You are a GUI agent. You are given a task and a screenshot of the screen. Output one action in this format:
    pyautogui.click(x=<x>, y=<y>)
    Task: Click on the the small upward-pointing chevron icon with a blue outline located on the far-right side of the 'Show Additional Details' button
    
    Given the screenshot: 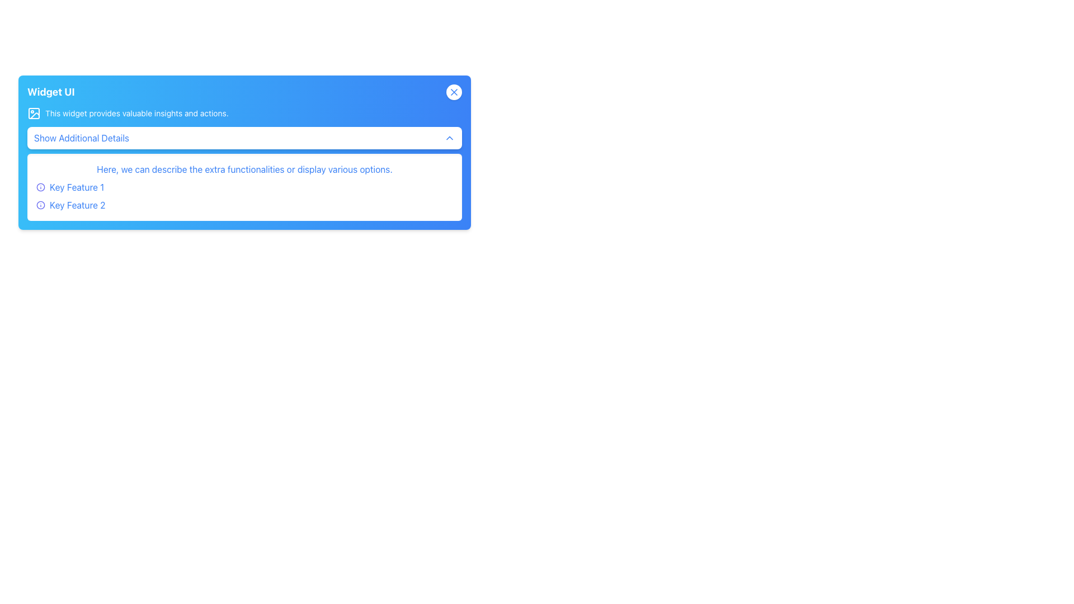 What is the action you would take?
    pyautogui.click(x=450, y=137)
    